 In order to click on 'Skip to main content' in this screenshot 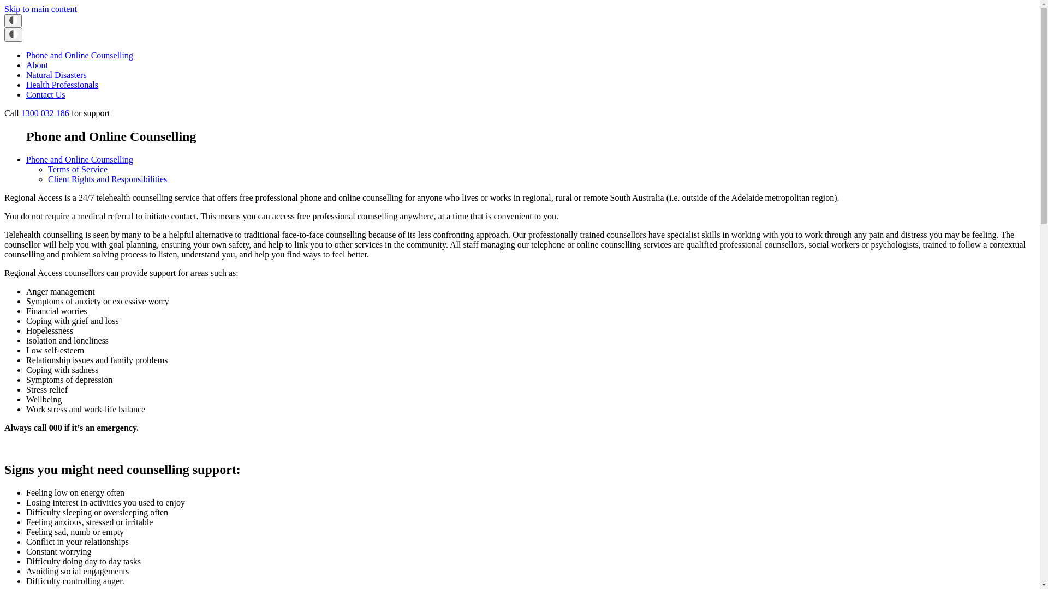, I will do `click(4, 9)`.